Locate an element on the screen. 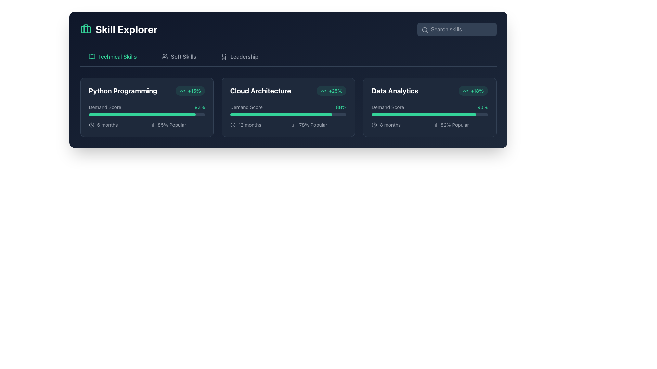 This screenshot has width=657, height=369. the 'Demand Score' text label located in the first card under the 'Python Programming' section, positioned above the green progress bar and to the left of the '92%' text is located at coordinates (105, 107).